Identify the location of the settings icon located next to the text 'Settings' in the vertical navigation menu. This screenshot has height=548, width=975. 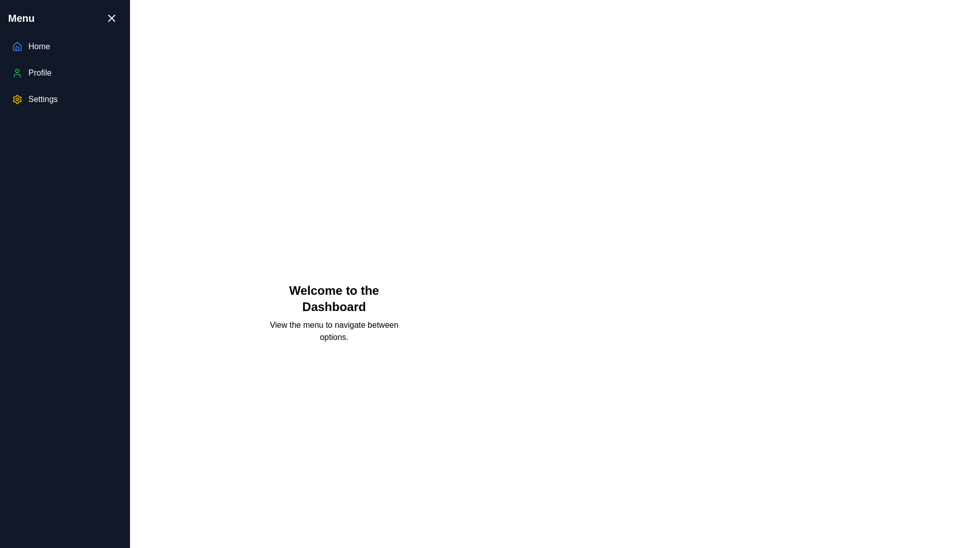
(17, 99).